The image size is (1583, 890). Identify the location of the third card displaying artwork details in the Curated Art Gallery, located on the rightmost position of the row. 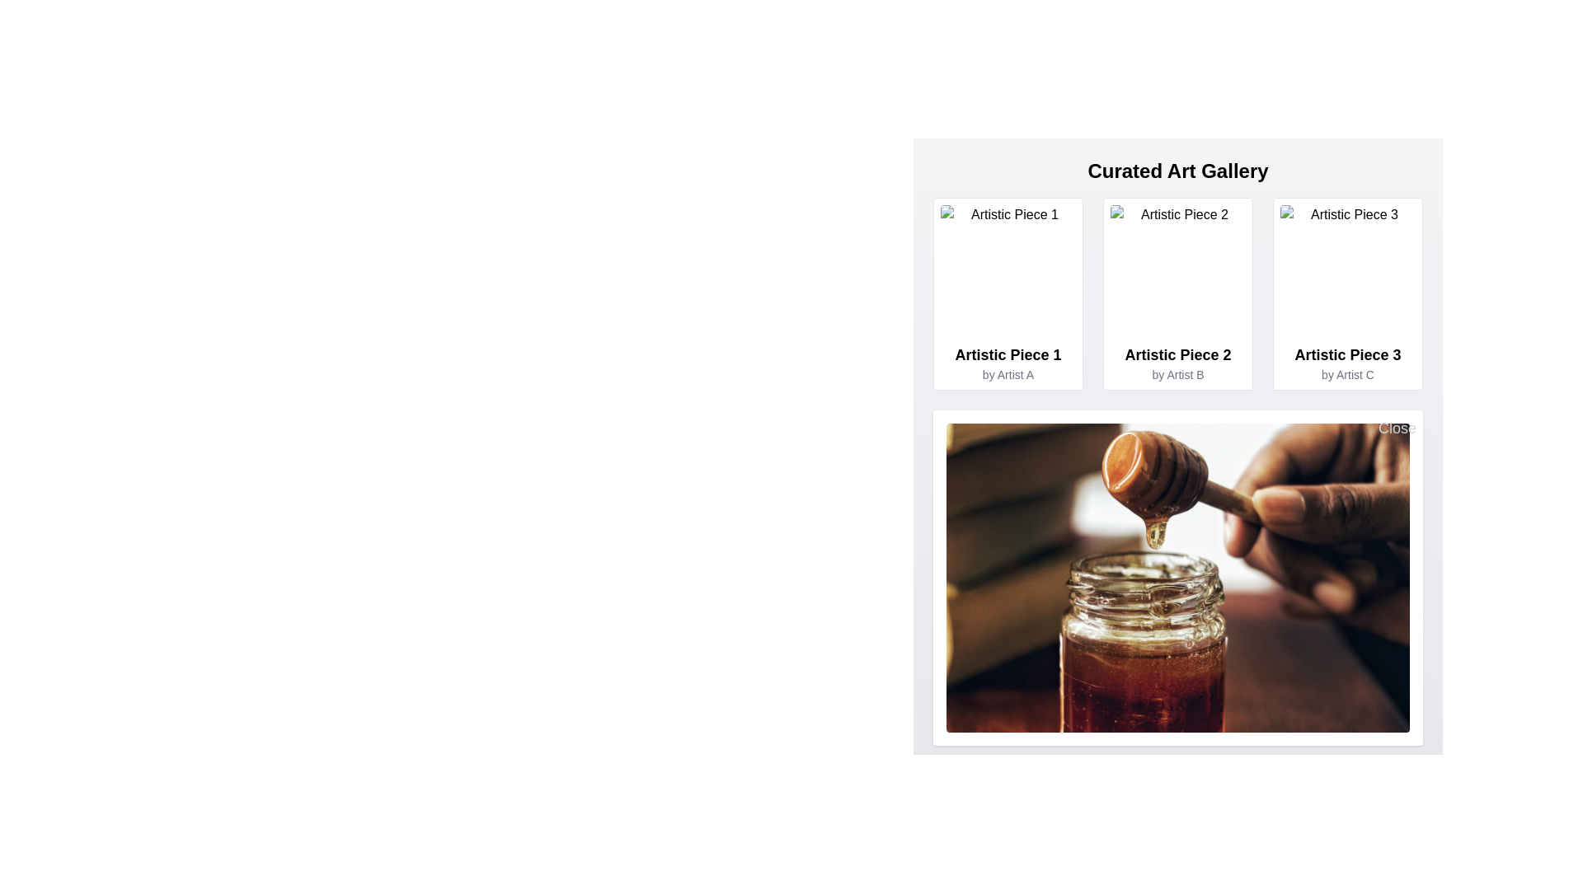
(1348, 293).